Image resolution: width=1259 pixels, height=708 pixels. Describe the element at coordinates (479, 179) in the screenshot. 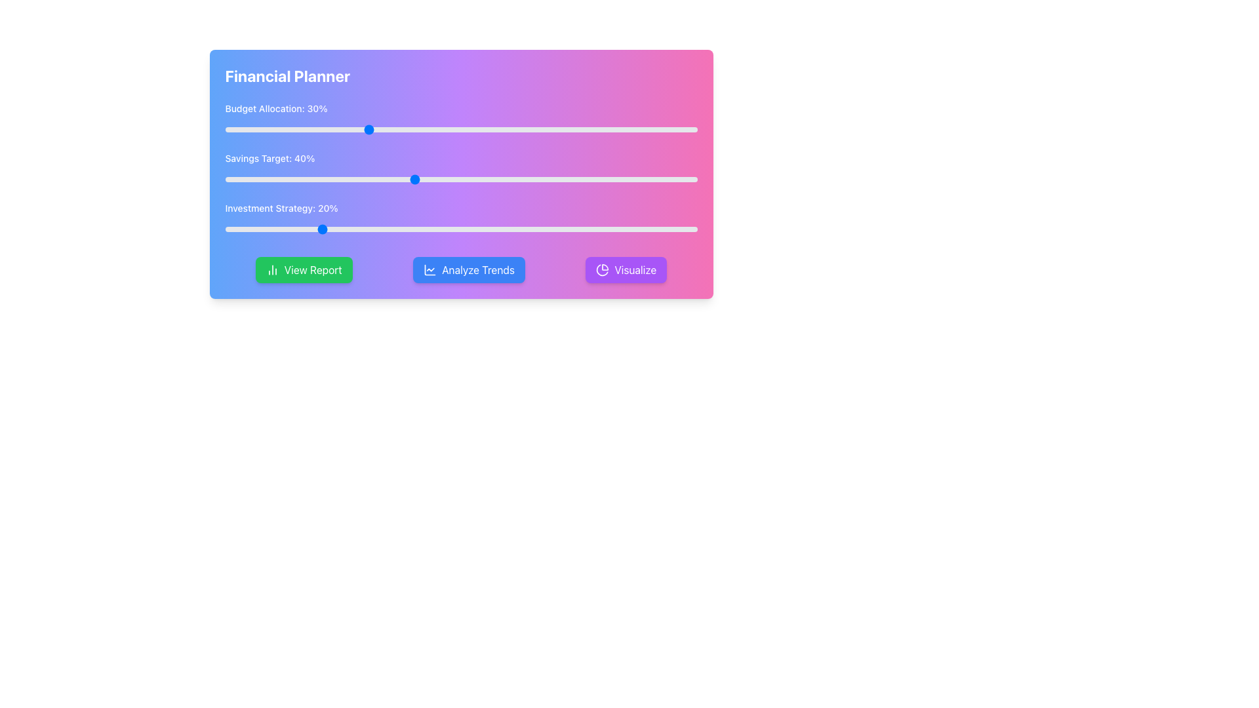

I see `the savings target percentage` at that location.